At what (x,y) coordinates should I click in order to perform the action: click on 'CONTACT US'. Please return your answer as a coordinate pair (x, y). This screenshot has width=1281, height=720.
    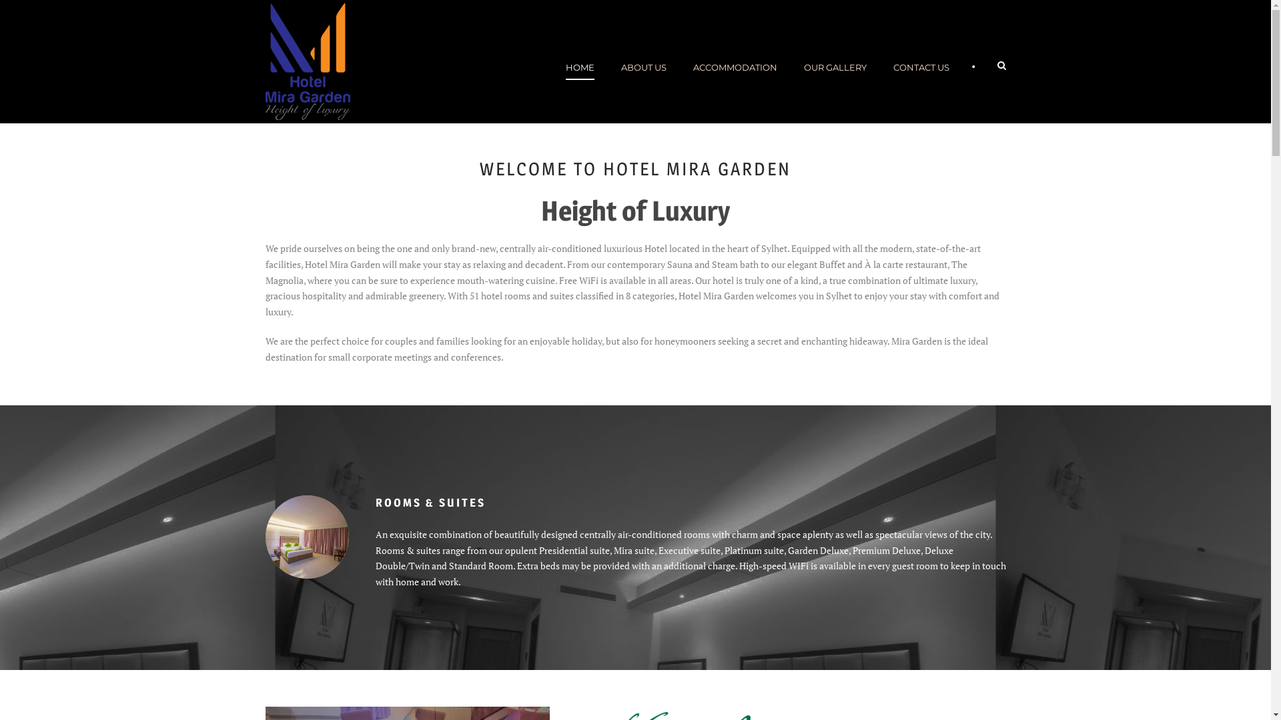
    Looking at the image, I should click on (920, 82).